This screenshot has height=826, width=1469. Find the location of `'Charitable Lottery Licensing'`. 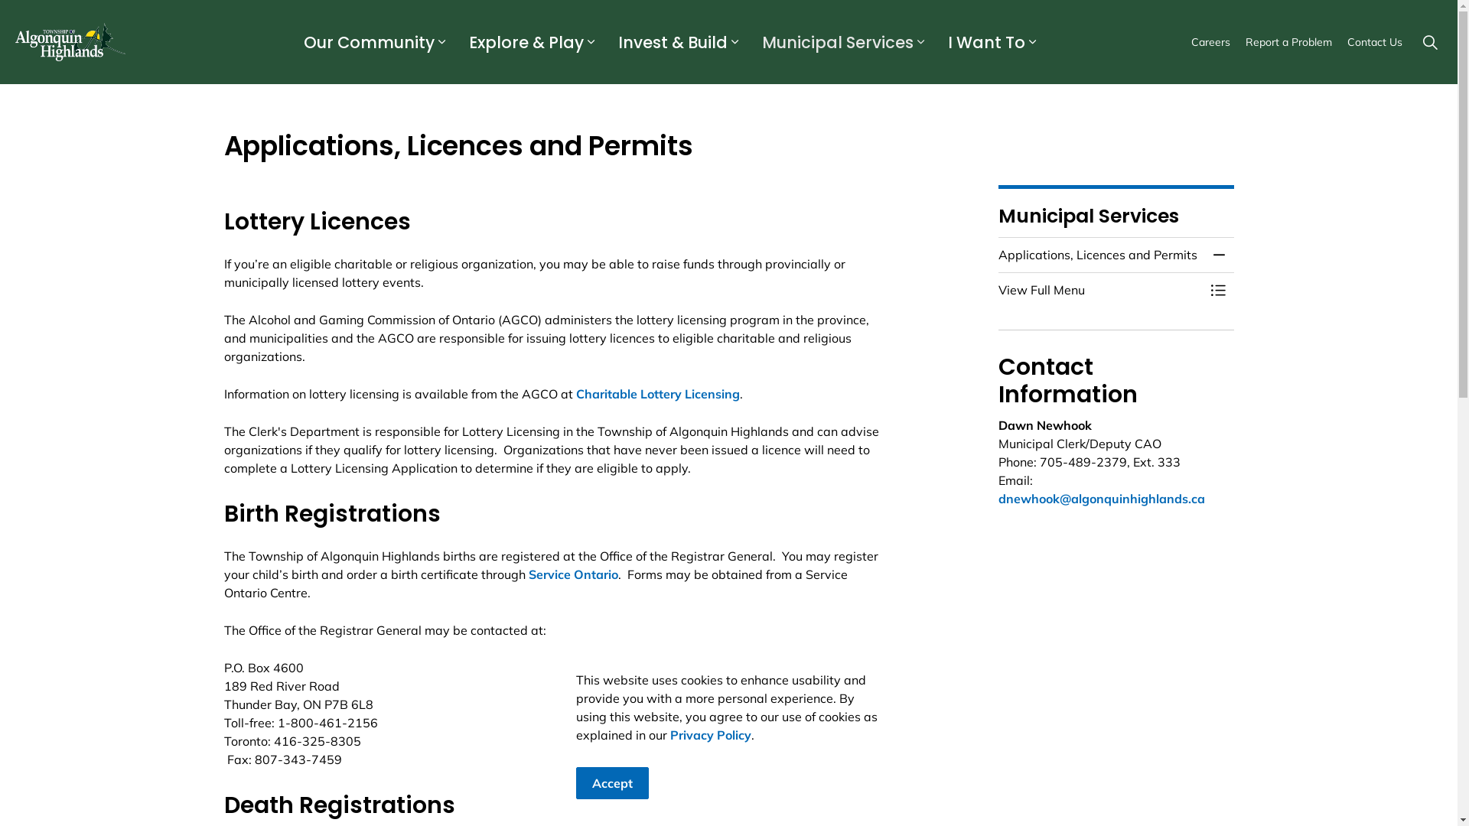

'Charitable Lottery Licensing' is located at coordinates (657, 393).